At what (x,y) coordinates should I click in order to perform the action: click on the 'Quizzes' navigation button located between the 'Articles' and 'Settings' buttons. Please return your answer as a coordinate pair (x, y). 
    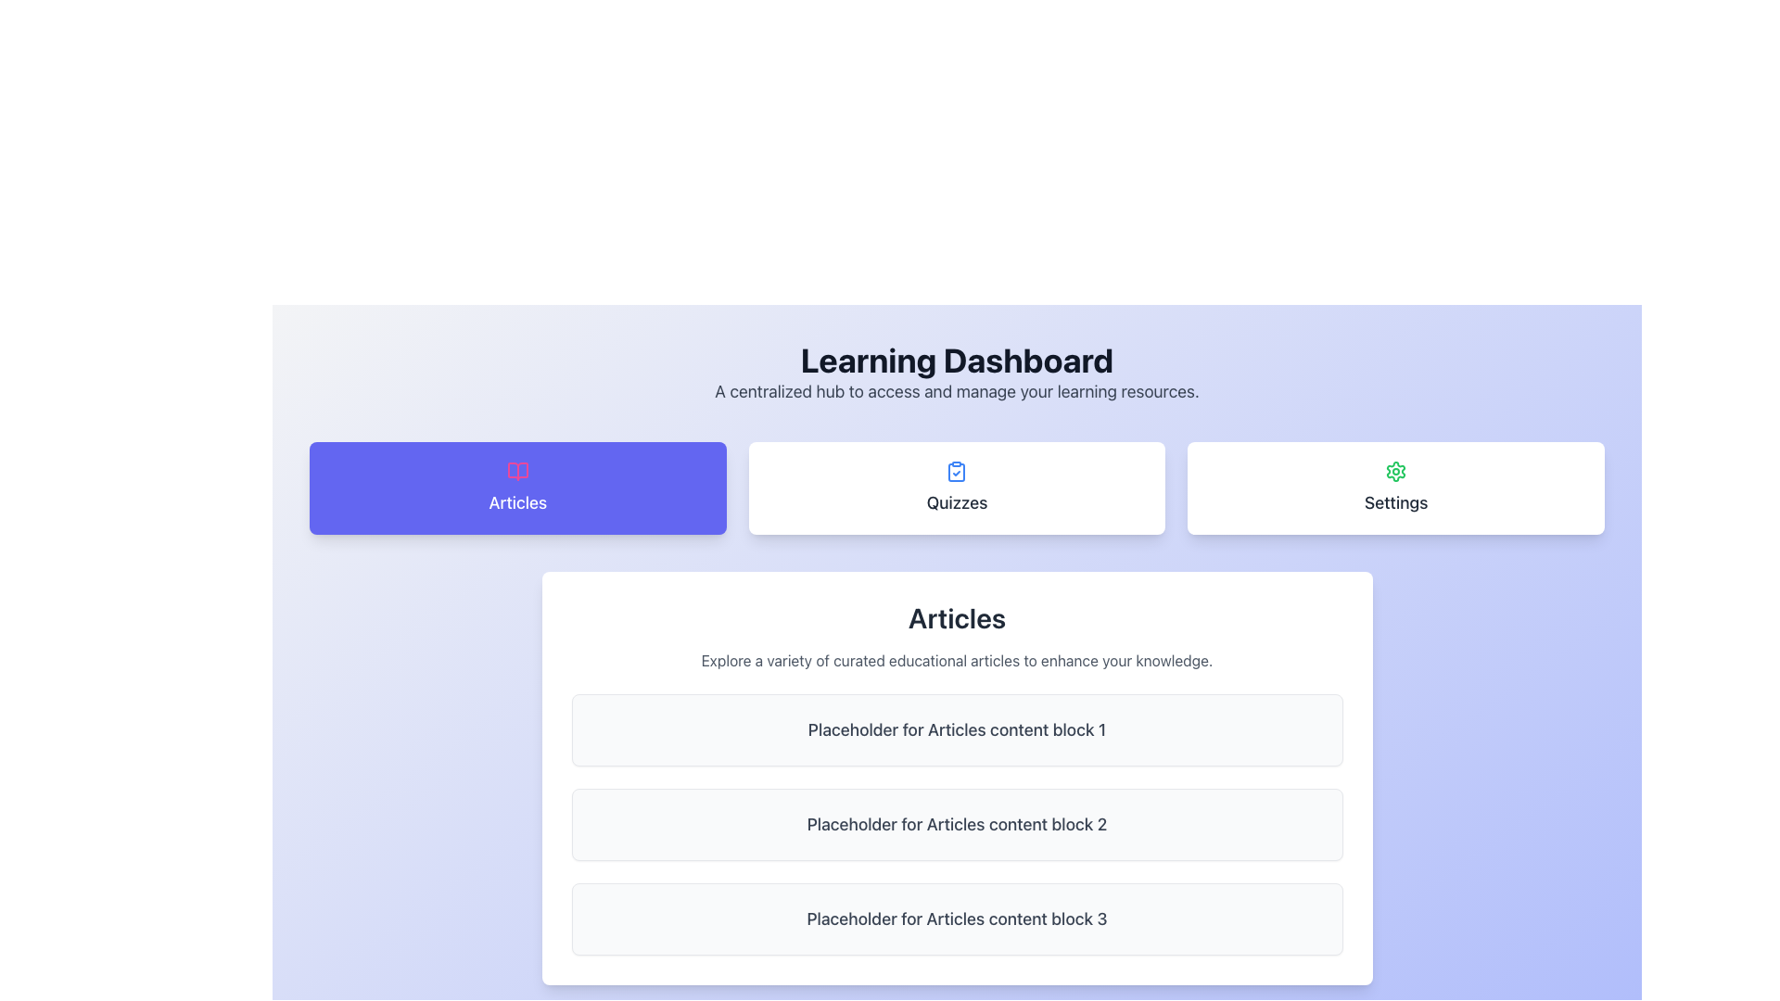
    Looking at the image, I should click on (957, 488).